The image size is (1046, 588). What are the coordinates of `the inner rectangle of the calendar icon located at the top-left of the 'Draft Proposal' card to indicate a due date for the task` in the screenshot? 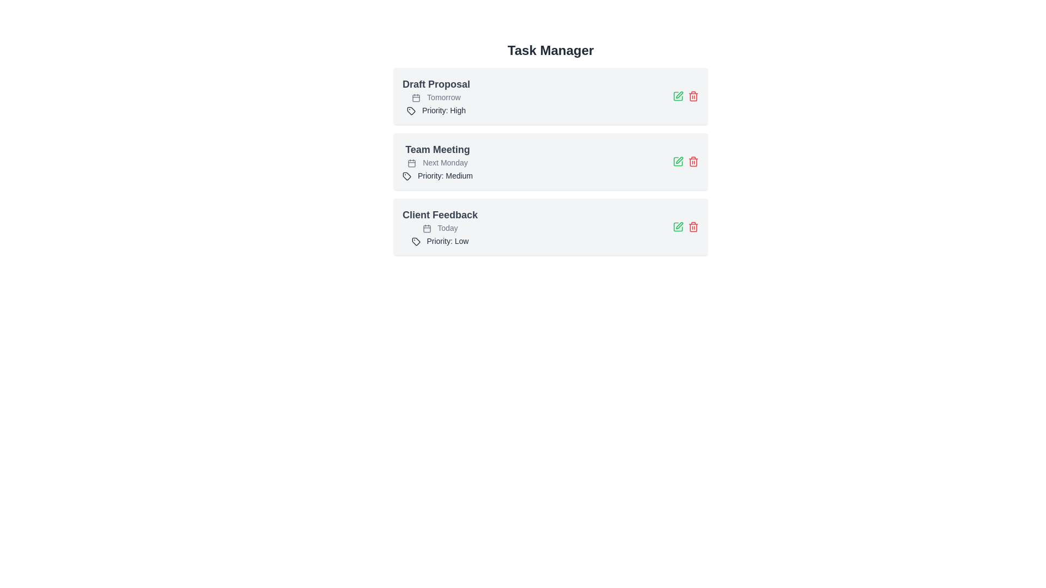 It's located at (416, 99).